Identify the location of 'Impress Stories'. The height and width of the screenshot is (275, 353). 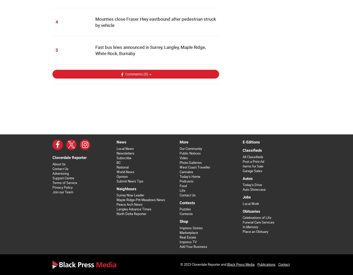
(191, 228).